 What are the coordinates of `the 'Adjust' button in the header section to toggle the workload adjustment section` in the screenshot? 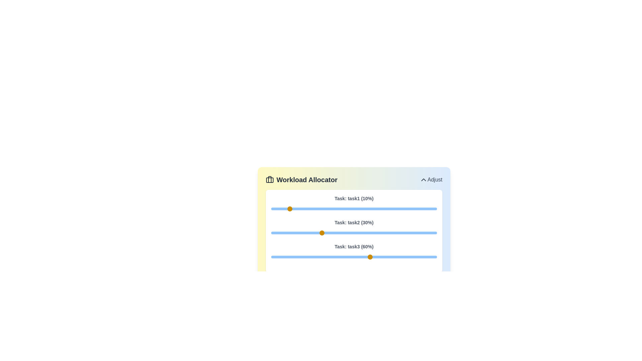 It's located at (430, 179).